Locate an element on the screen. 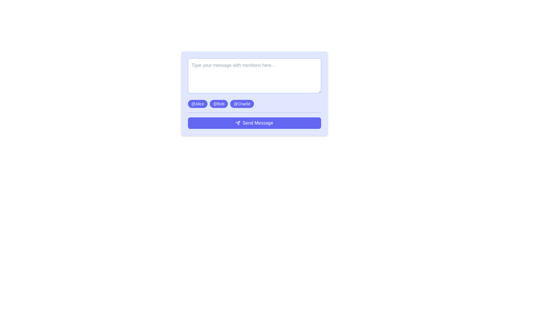  the badge label displaying '@Bob', which is styled with a purple background and white text, positioned between '@Alice' and '@Charlie' is located at coordinates (218, 104).